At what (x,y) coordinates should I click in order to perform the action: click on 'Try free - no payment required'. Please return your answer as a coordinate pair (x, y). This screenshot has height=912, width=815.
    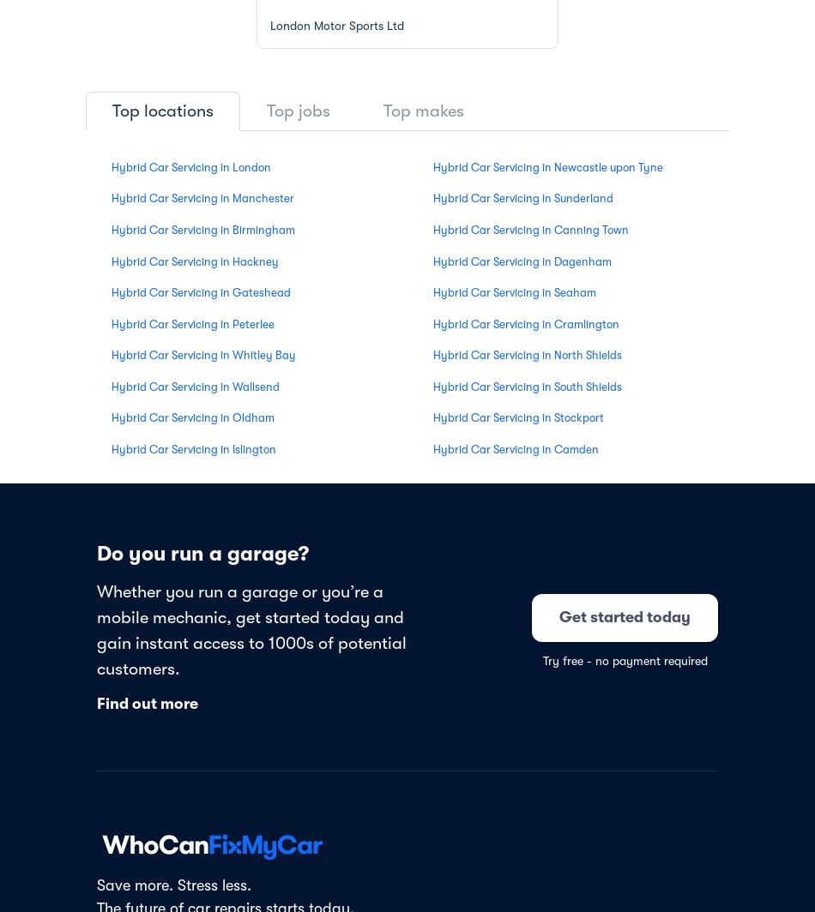
    Looking at the image, I should click on (623, 660).